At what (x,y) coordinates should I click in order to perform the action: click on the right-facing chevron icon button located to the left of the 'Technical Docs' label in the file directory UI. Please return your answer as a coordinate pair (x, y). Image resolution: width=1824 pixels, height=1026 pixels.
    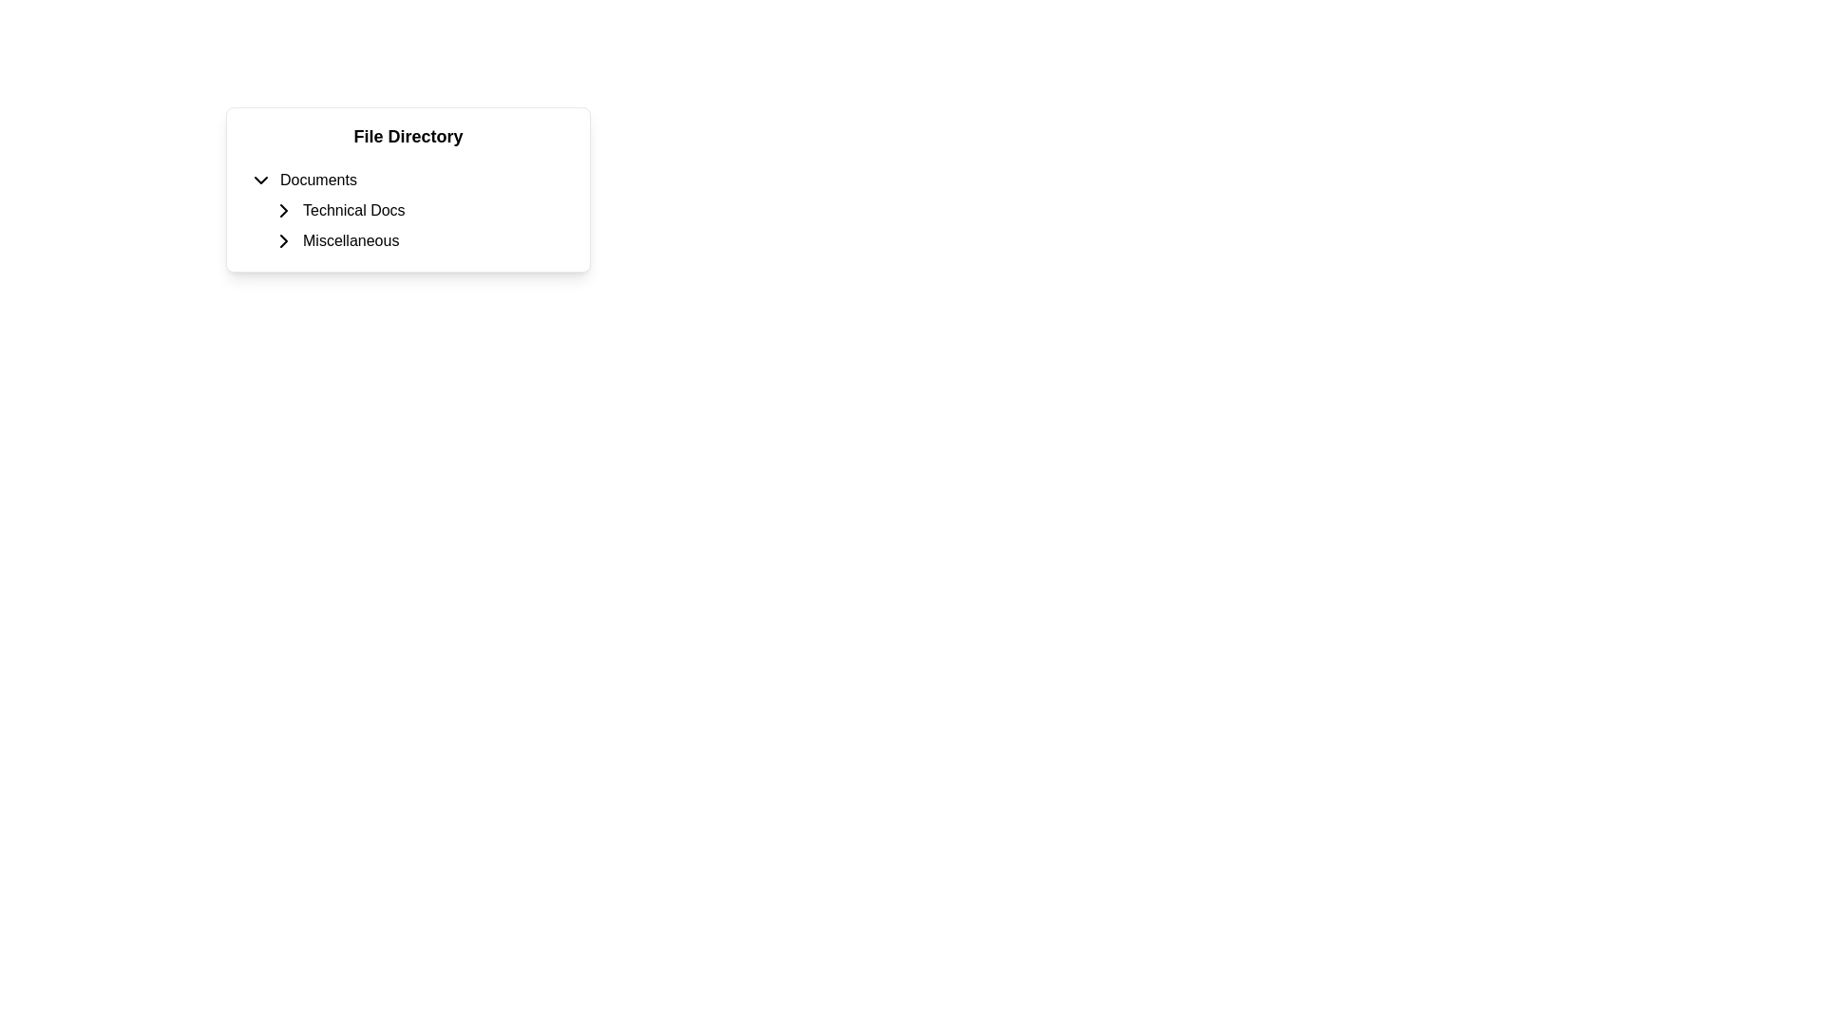
    Looking at the image, I should click on (282, 211).